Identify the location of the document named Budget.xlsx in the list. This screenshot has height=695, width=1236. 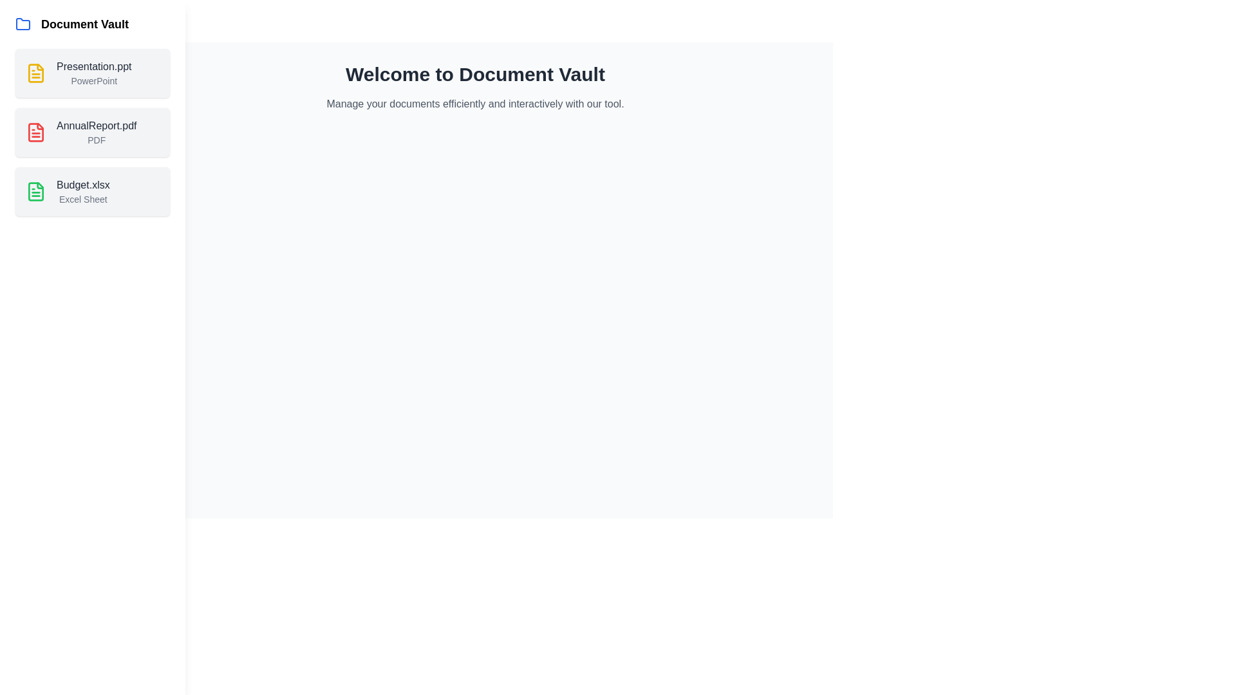
(92, 191).